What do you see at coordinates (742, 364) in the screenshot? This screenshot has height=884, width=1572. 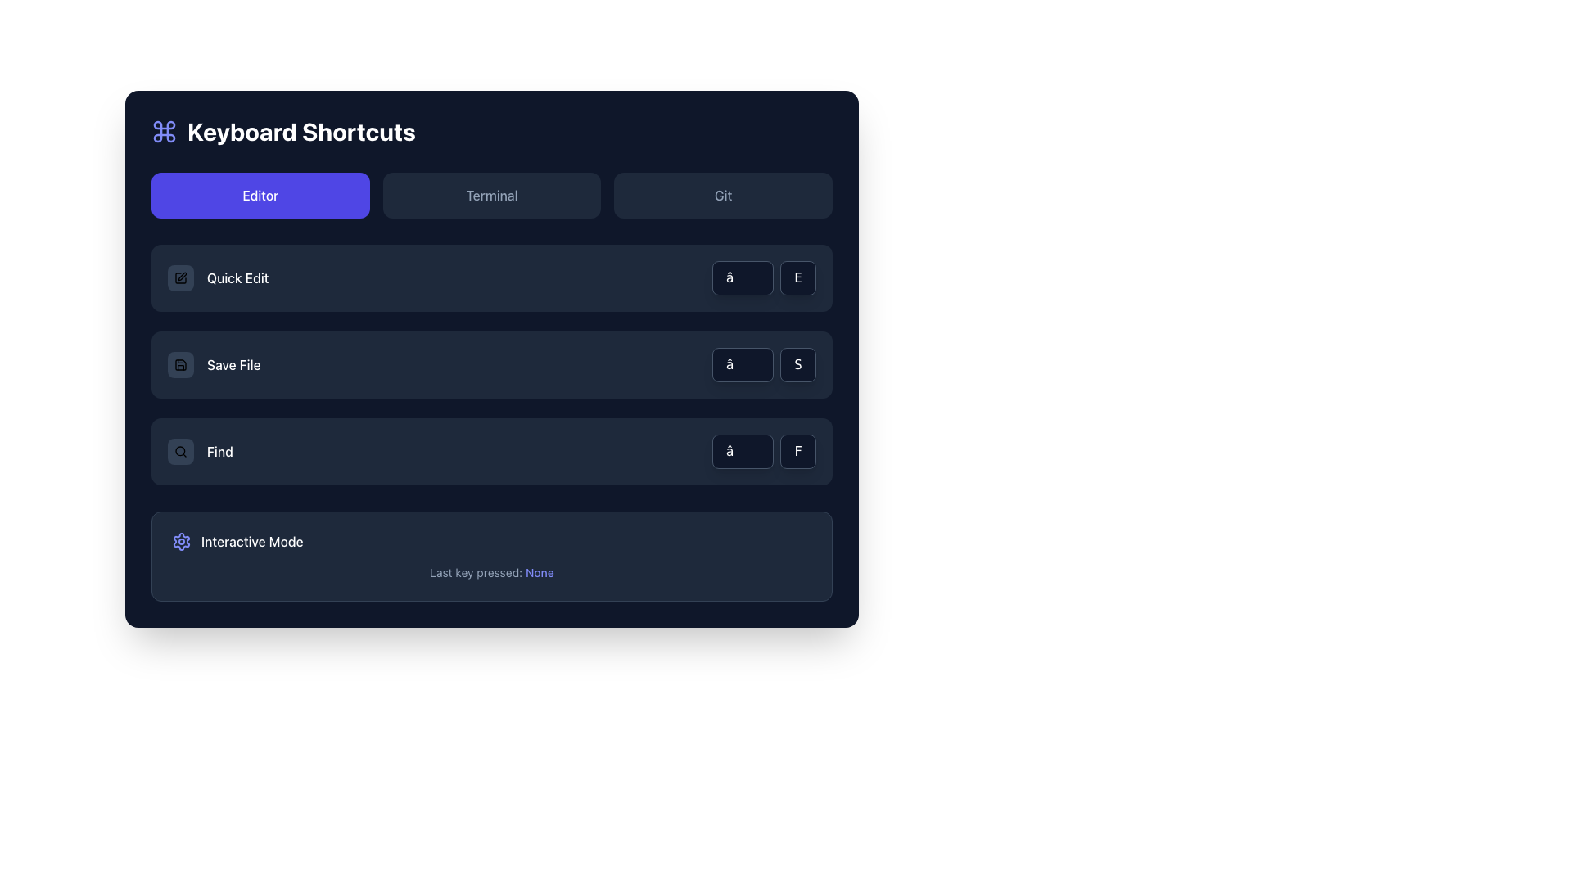 I see `the rectangular button with a dark background and rounded corners containing the text '⌘'` at bounding box center [742, 364].